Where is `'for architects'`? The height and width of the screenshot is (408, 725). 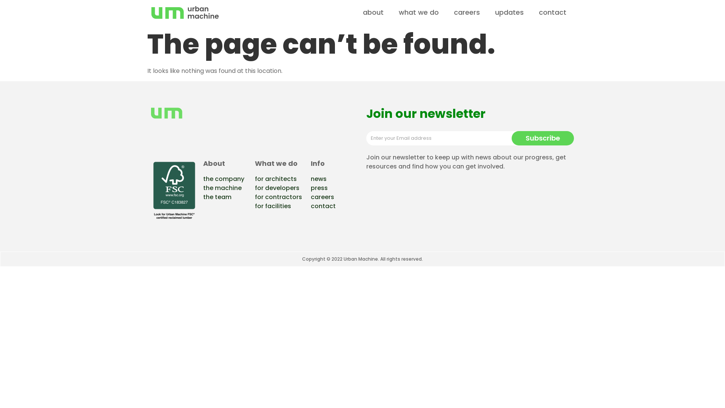
'for architects' is located at coordinates (275, 179).